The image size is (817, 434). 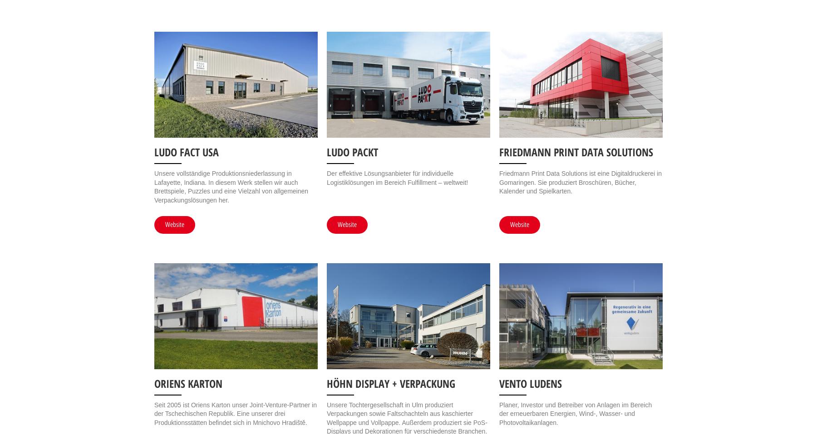 I want to click on 'Unsere vollständige Produktionsniederlassung in Lafayette, Indiana. In diesem Werk stellen wir auch Brettspiele, Puzzles und eine Vielzahl von allgemeinen Verpackungslösungen her.', so click(x=231, y=186).